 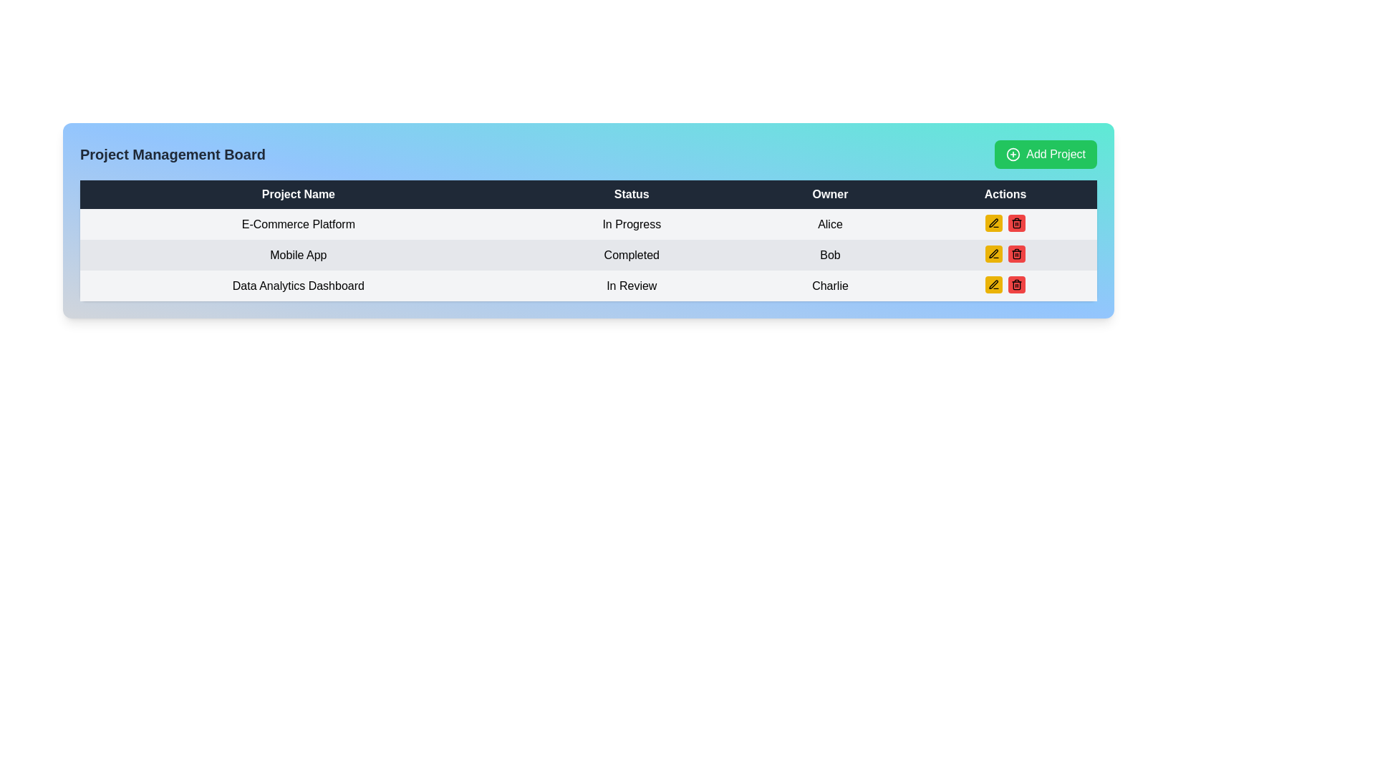 What do you see at coordinates (830, 286) in the screenshot?
I see `the informational text label displaying the assigned owner of the project in the 'Owner' column of the data table` at bounding box center [830, 286].